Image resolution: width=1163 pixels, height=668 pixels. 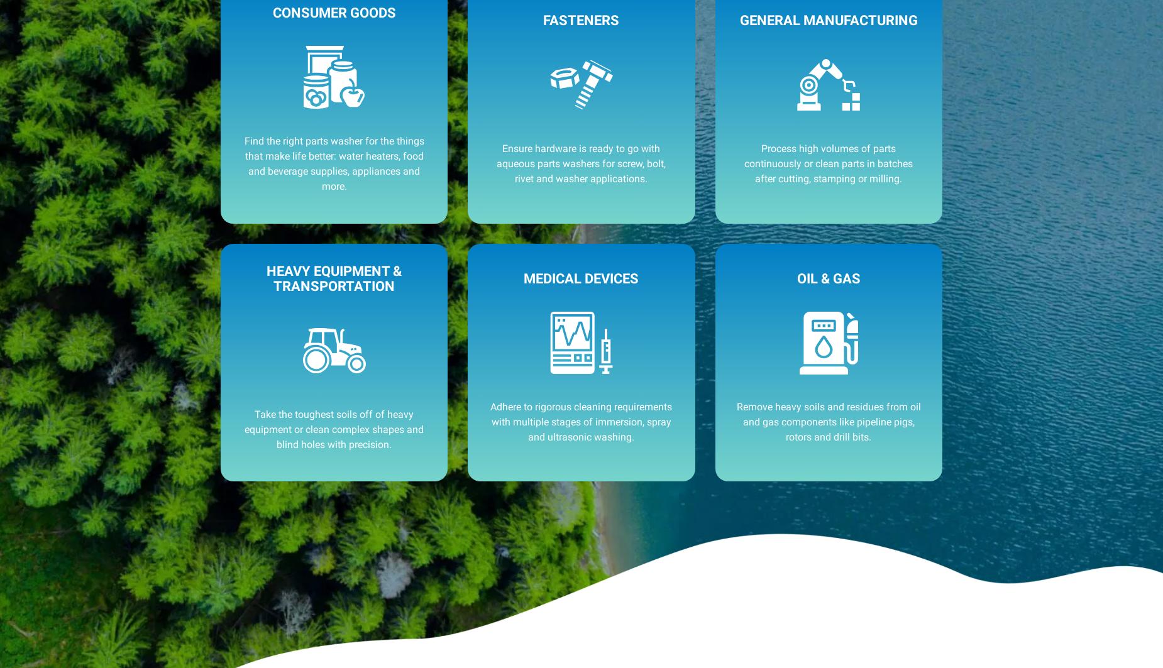 I want to click on 'Find the right parts washer for the things that make life better: water heaters, food and beverage supplies, appliances and more.', so click(x=333, y=163).